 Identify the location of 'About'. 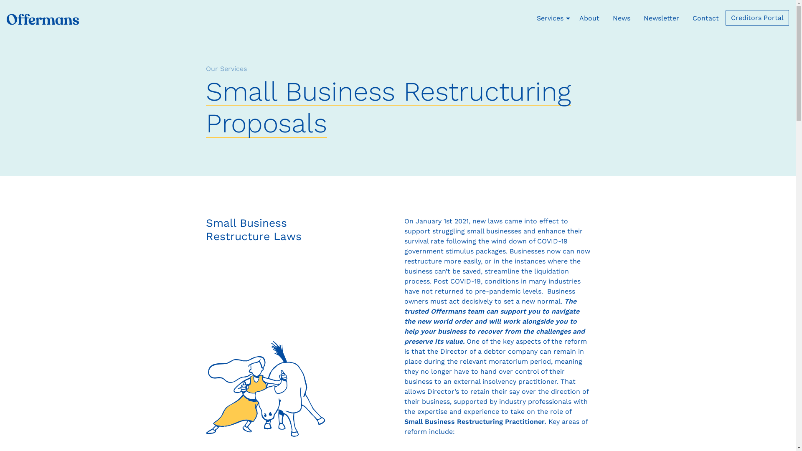
(572, 18).